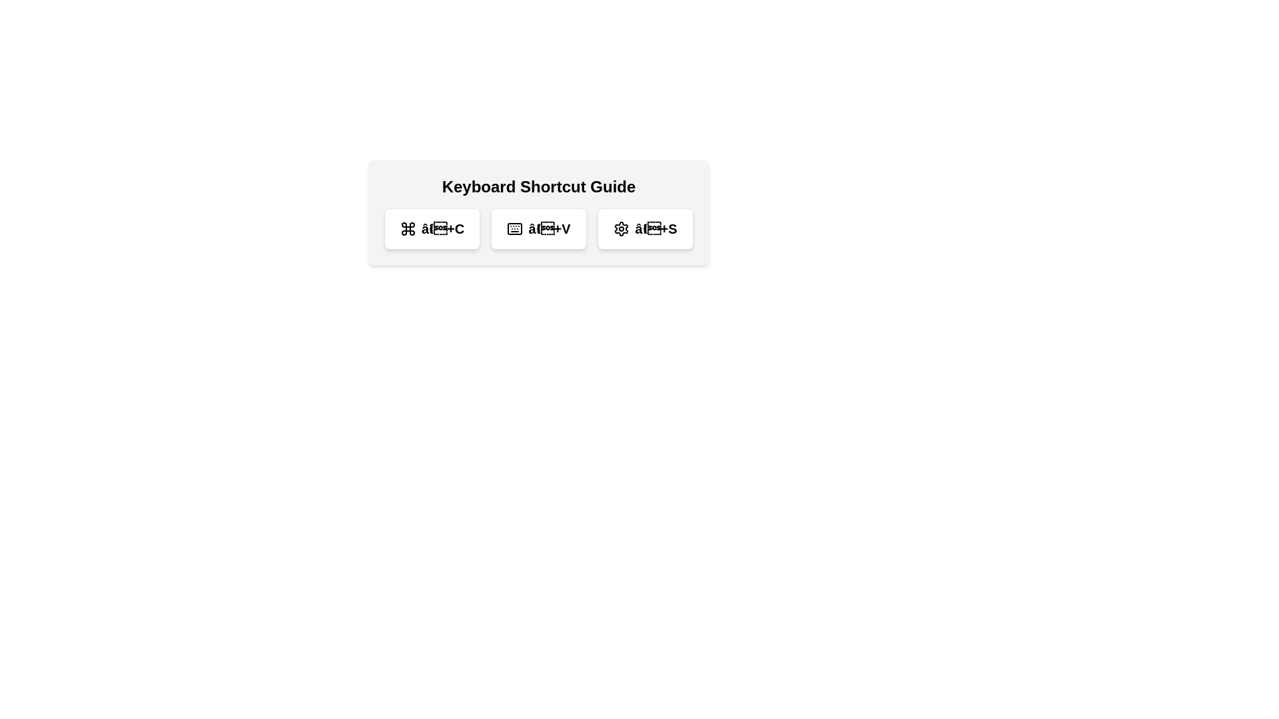 The width and height of the screenshot is (1279, 719). What do you see at coordinates (645, 228) in the screenshot?
I see `the third button from the left in the row of three buttons, which triggers a 'Save' action` at bounding box center [645, 228].